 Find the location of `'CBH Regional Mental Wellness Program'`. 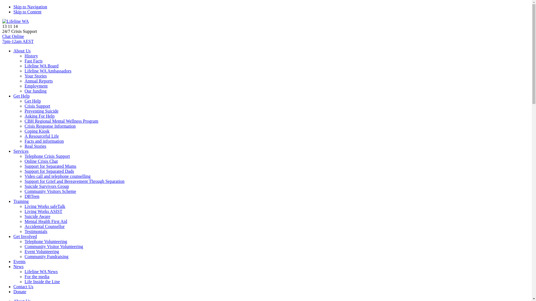

'CBH Regional Mental Wellness Program' is located at coordinates (61, 121).